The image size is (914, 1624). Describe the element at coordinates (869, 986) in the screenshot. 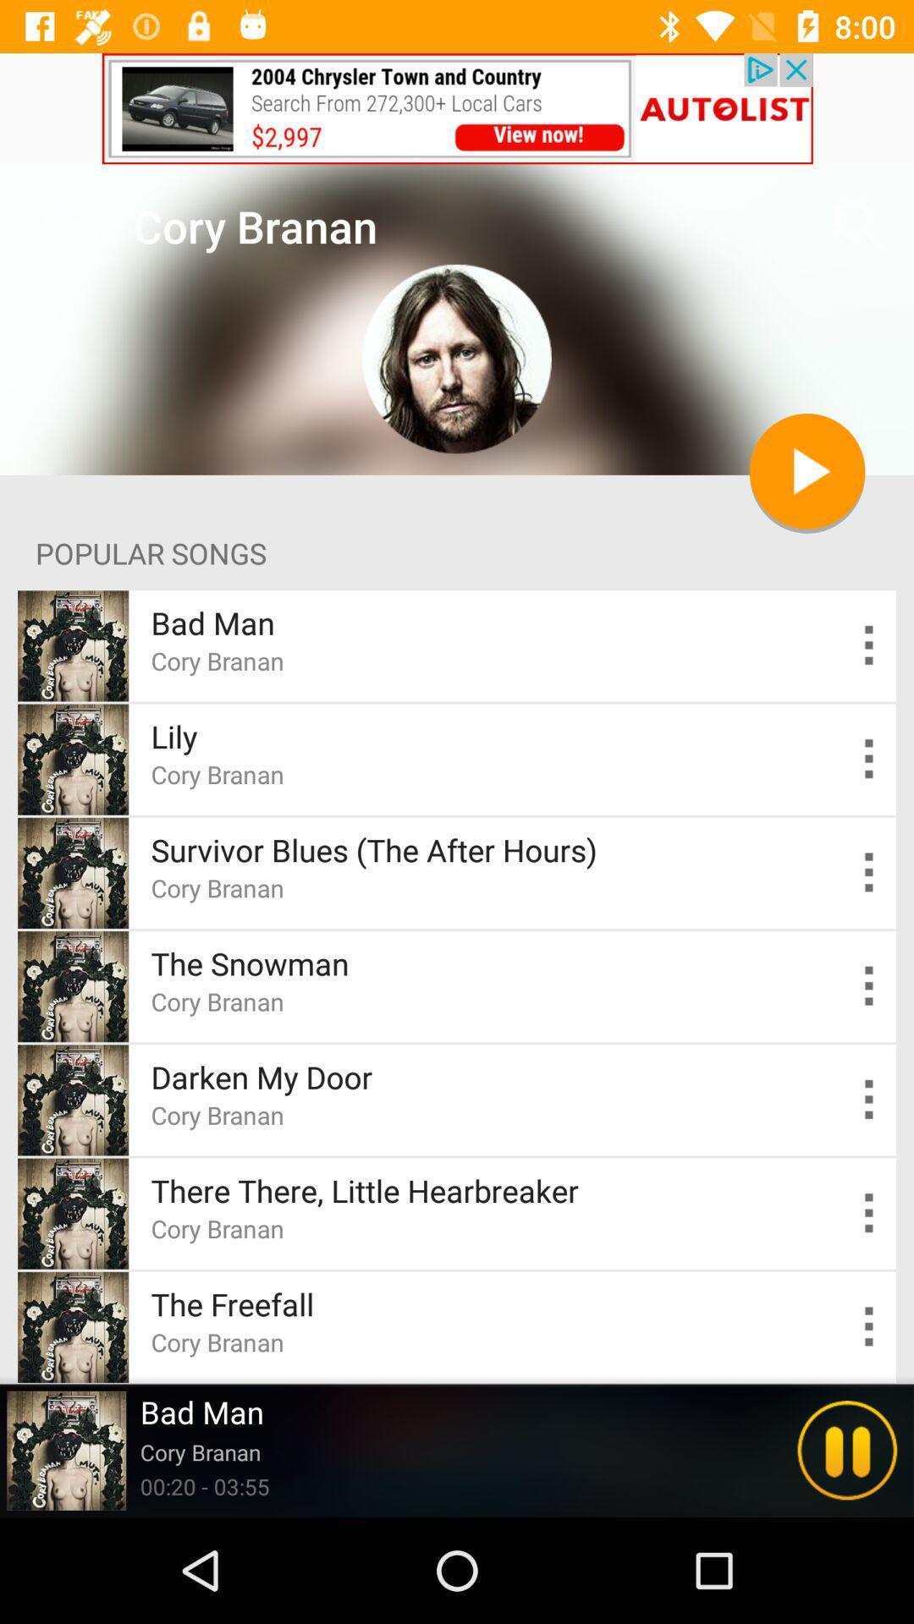

I see `the more icon` at that location.